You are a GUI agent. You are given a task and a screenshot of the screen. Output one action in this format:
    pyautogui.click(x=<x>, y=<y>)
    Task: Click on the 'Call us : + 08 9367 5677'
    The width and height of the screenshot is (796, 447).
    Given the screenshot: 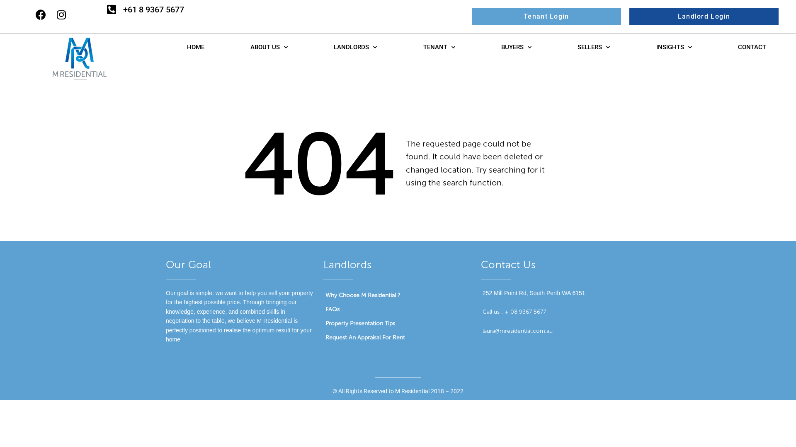 What is the action you would take?
    pyautogui.click(x=514, y=312)
    